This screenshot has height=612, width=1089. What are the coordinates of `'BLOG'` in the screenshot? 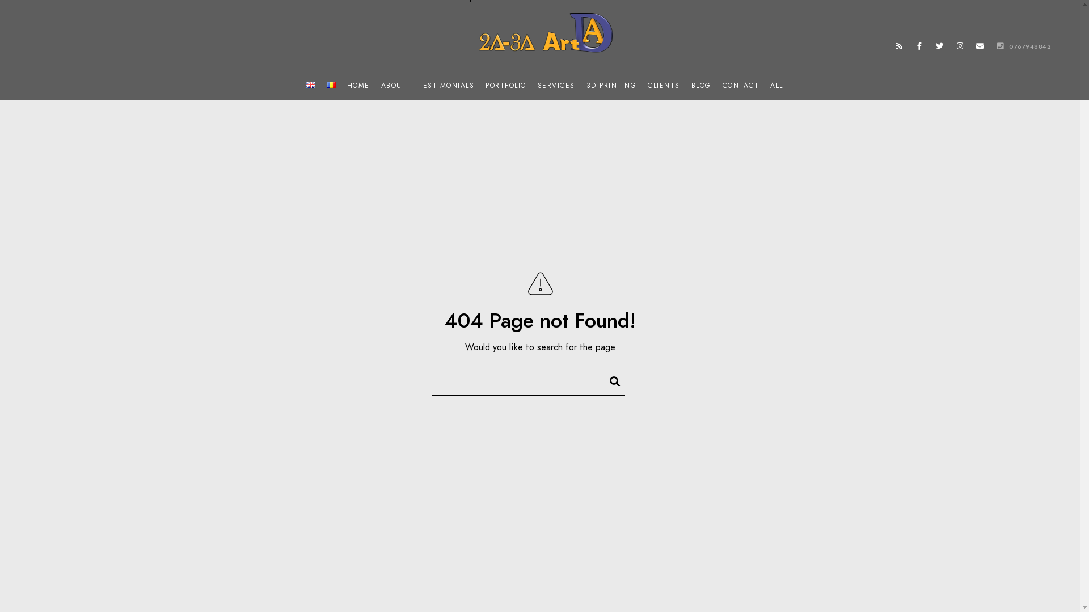 It's located at (700, 84).